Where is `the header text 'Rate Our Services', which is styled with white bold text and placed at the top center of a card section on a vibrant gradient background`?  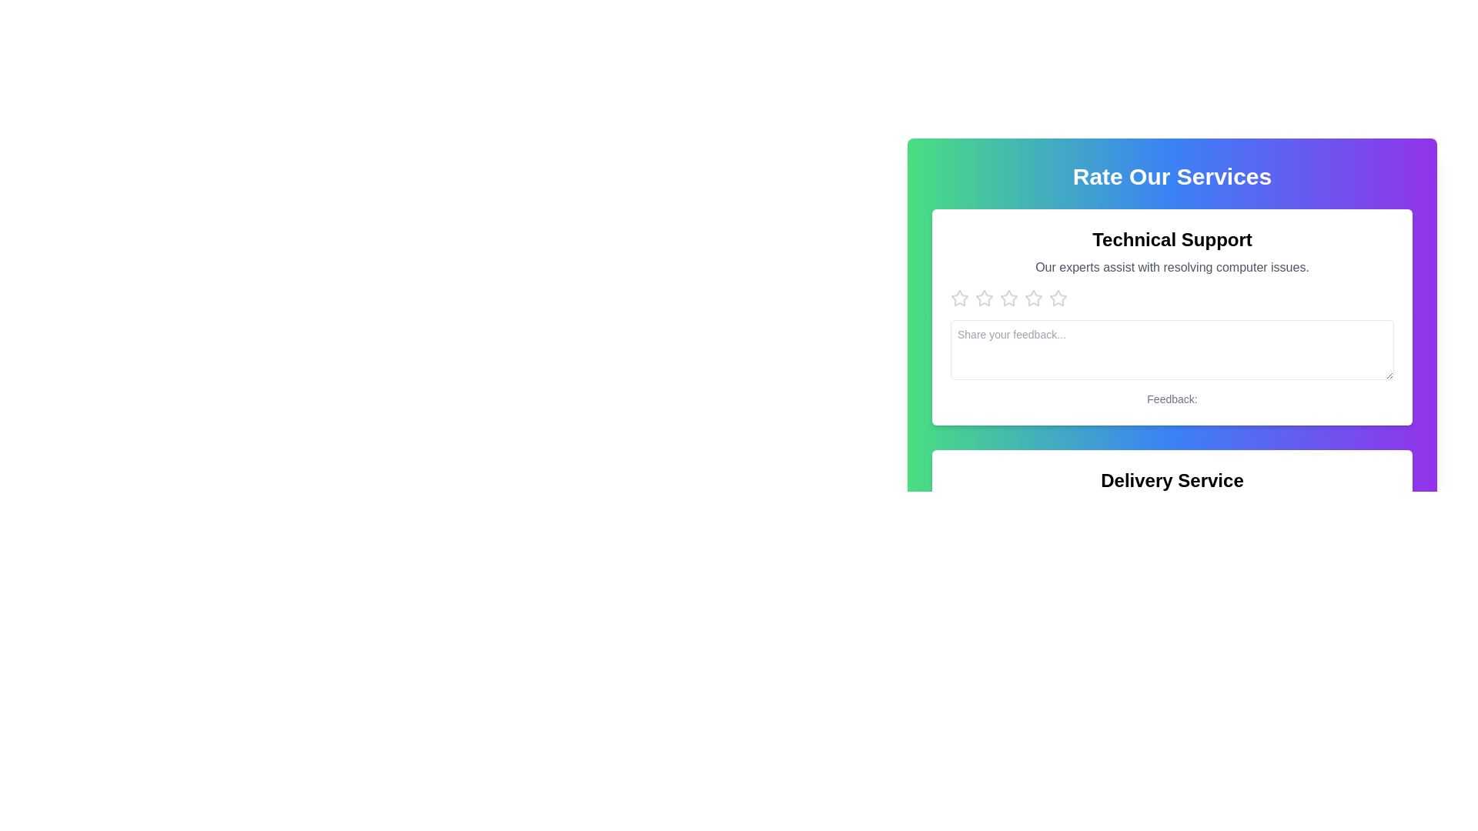
the header text 'Rate Our Services', which is styled with white bold text and placed at the top center of a card section on a vibrant gradient background is located at coordinates (1171, 176).